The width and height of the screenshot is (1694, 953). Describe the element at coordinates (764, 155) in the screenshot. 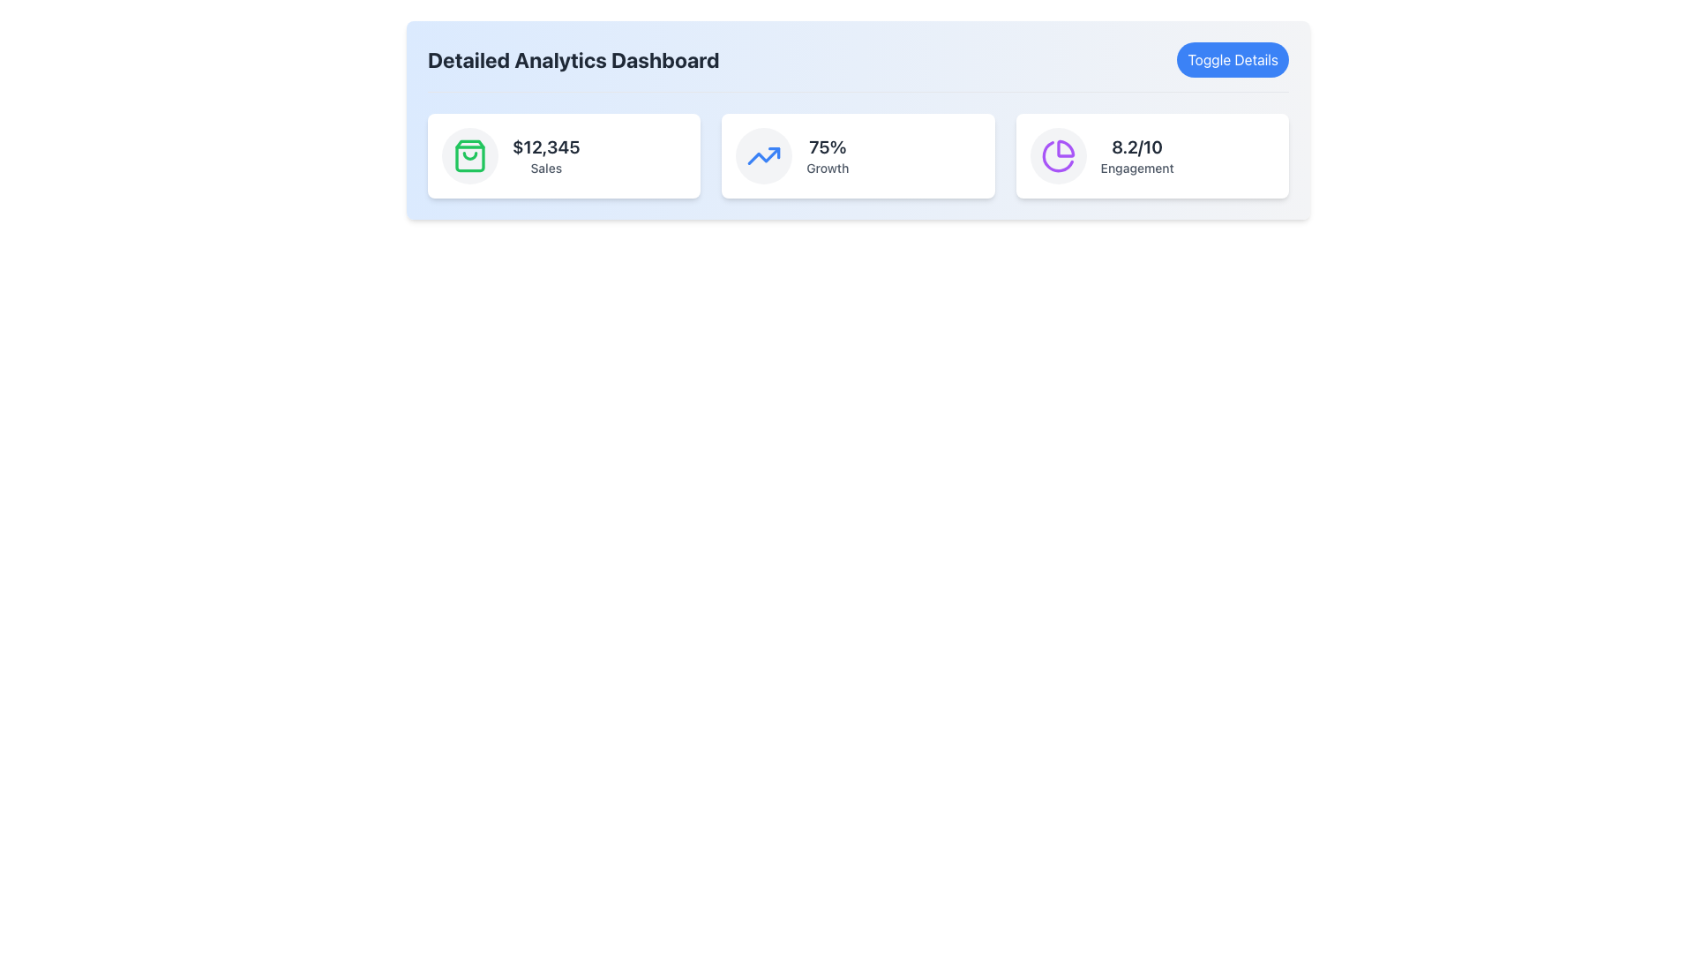

I see `the growth trend icon represented by the polyline graphic located in the second card under 'Detailed Analytics Dashboard'` at that location.